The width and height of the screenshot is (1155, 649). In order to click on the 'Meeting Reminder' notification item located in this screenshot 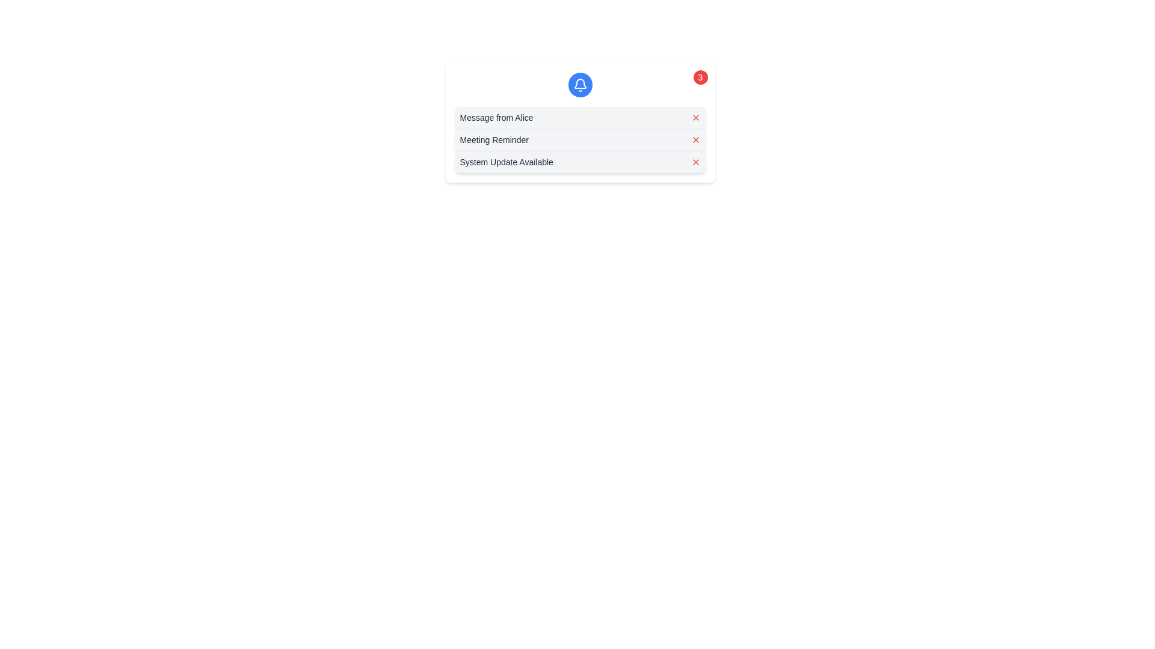, I will do `click(580, 139)`.